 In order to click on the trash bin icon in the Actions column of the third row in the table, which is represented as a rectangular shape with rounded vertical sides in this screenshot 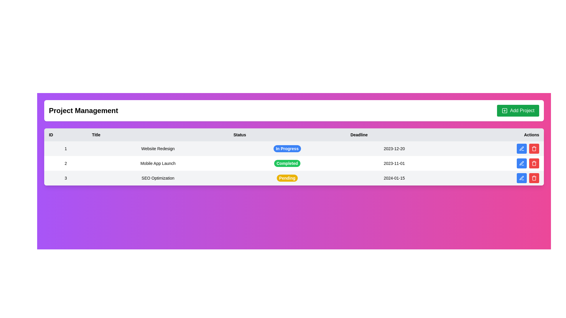, I will do `click(534, 164)`.